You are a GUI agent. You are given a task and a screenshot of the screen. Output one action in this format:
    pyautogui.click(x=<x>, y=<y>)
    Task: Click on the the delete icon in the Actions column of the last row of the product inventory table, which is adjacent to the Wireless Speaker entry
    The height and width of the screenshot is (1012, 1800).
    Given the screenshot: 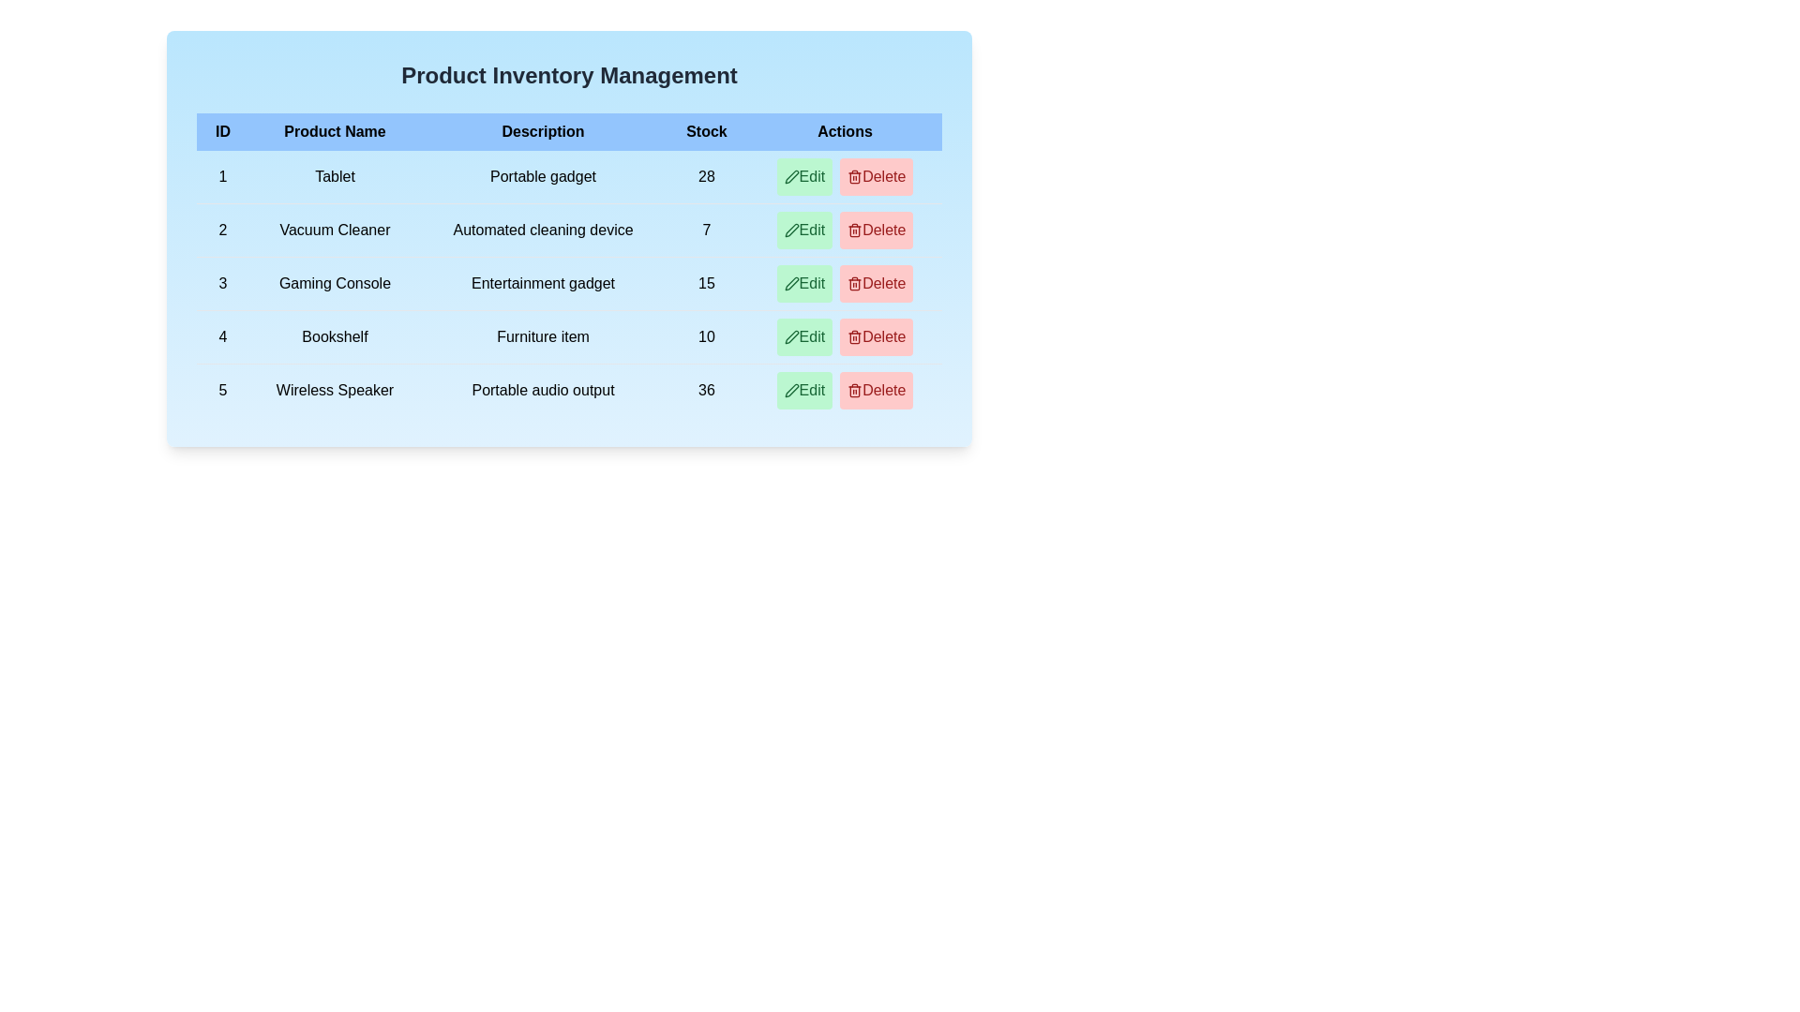 What is the action you would take?
    pyautogui.click(x=854, y=389)
    